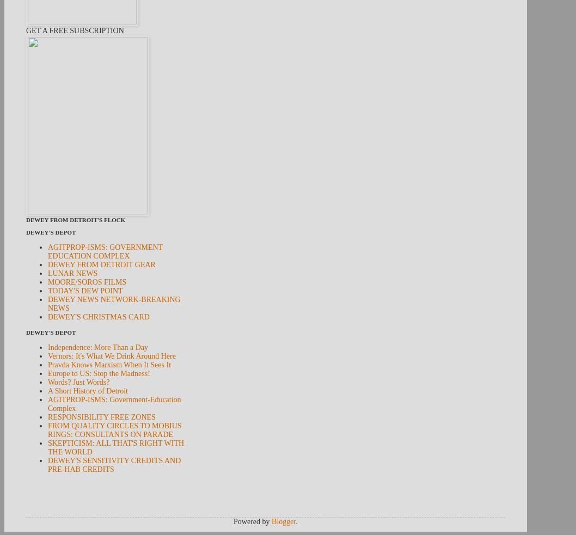 The height and width of the screenshot is (535, 576). Describe the element at coordinates (87, 390) in the screenshot. I see `'A Short History of Detroit'` at that location.